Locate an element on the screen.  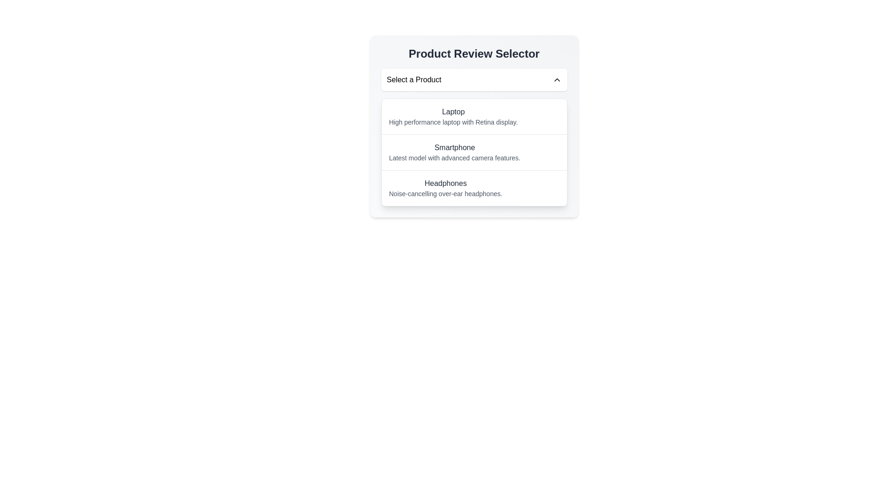
the descriptive label text element located below the 'Headphones' heading in the product selection dropdown, which provides additional information for the 'Headphones' option is located at coordinates (445, 193).